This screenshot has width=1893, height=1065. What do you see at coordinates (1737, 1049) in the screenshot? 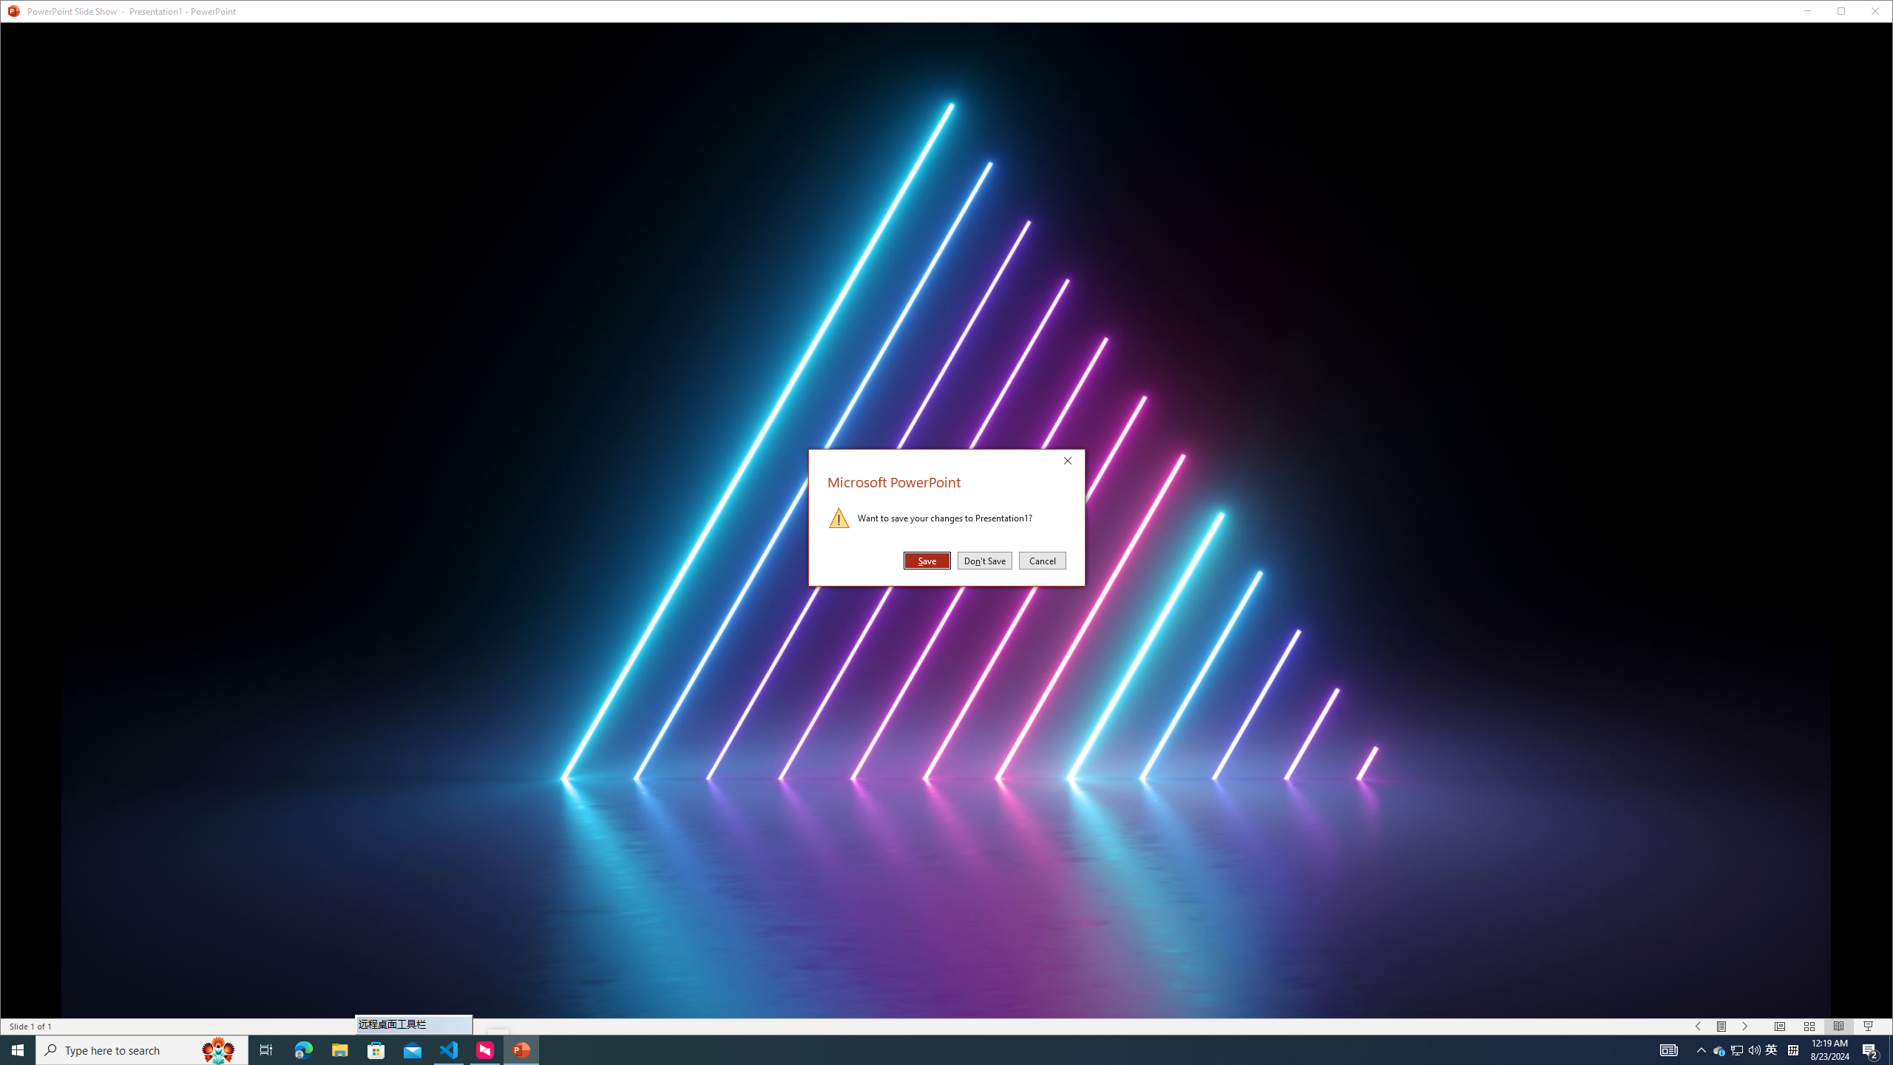
I see `'User Promoted Notification Area'` at bounding box center [1737, 1049].